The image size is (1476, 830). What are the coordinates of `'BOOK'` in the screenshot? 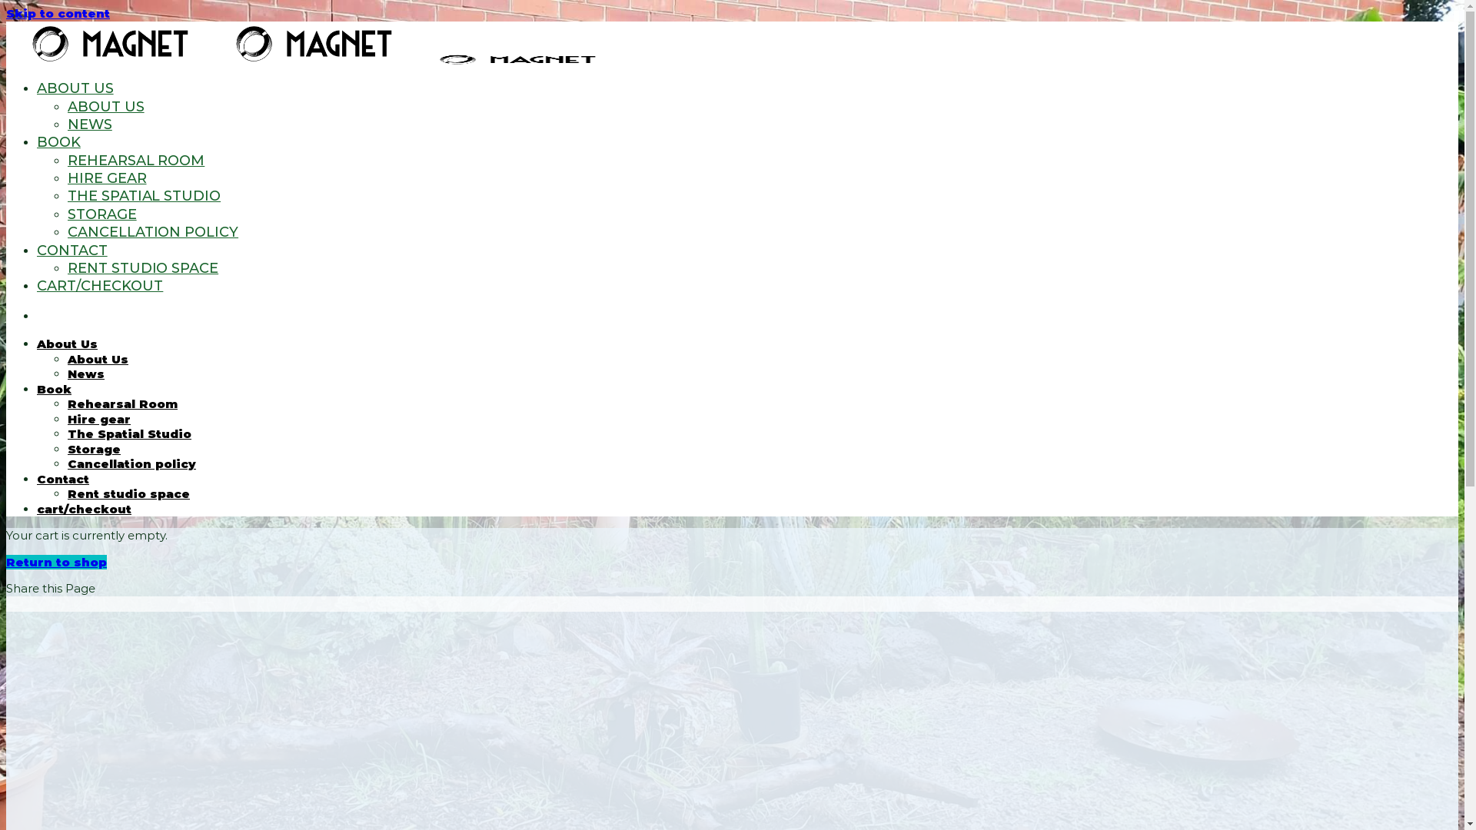 It's located at (58, 142).